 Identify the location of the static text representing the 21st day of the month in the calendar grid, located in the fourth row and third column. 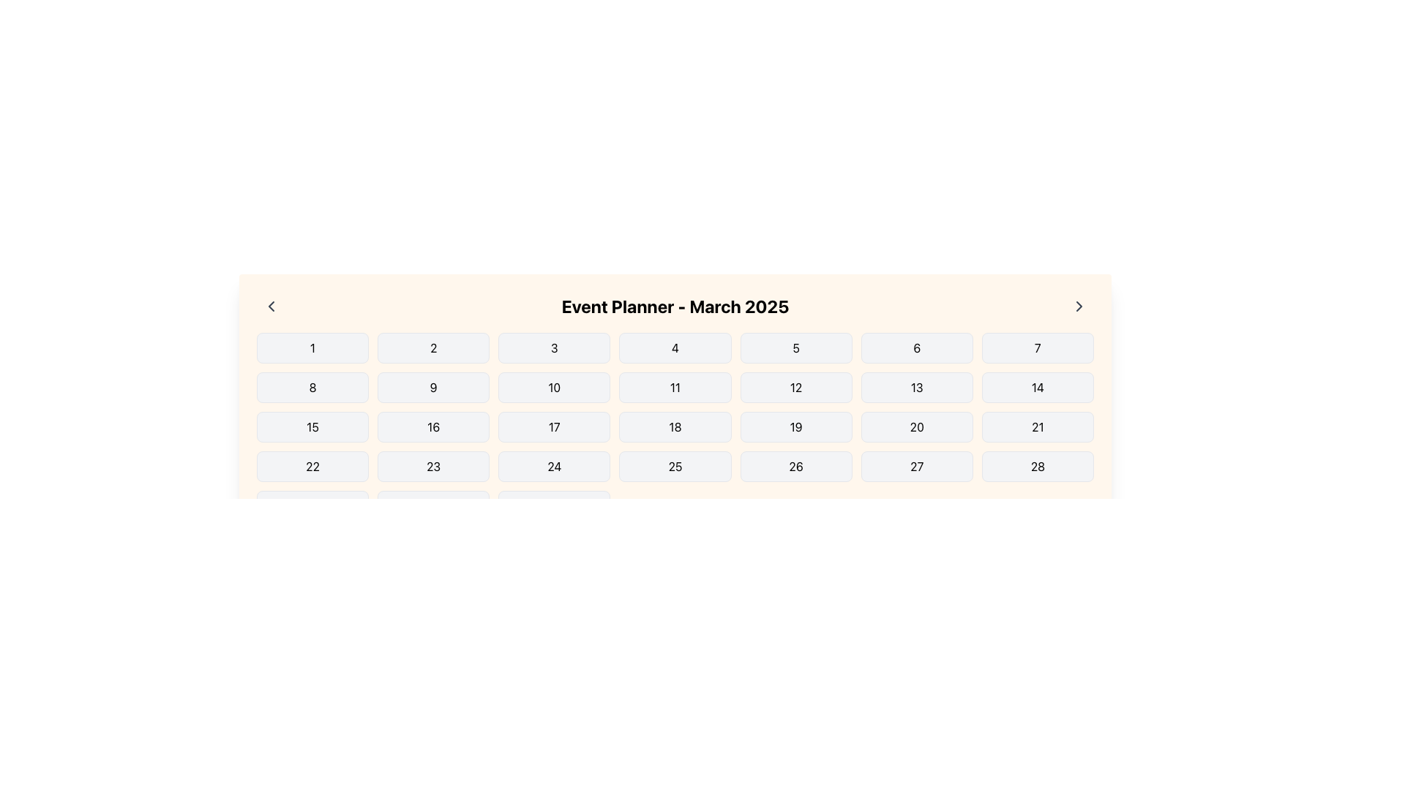
(1037, 426).